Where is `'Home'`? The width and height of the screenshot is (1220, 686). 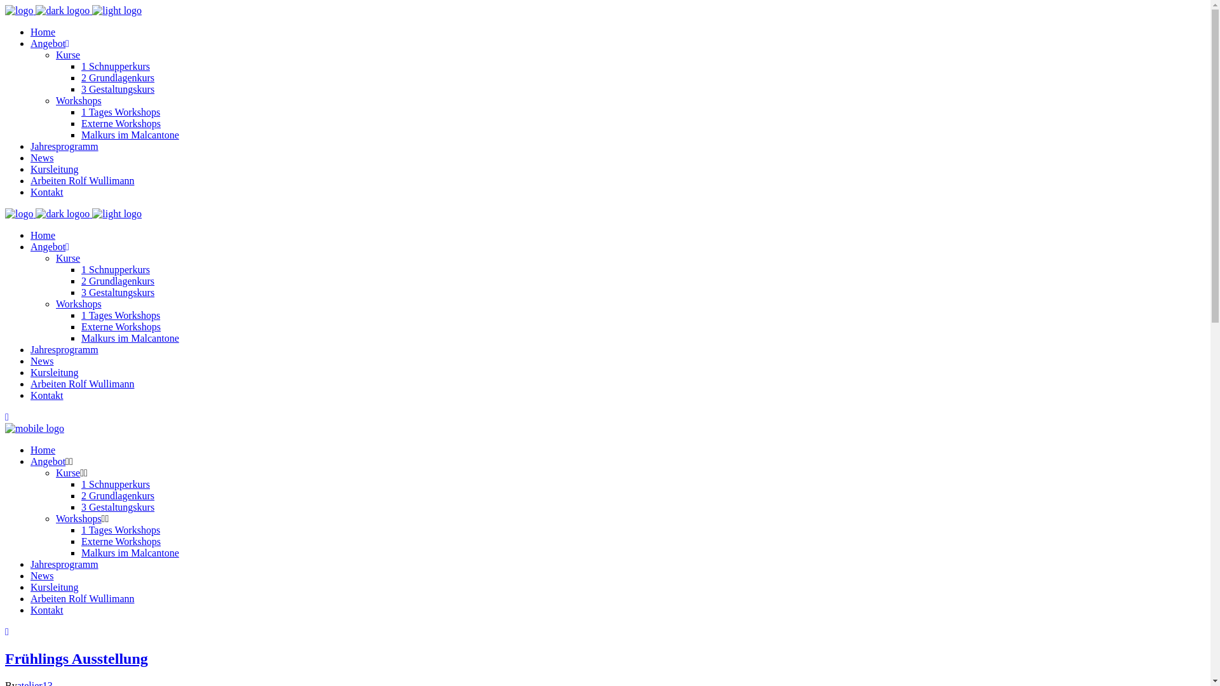
'Home' is located at coordinates (43, 31).